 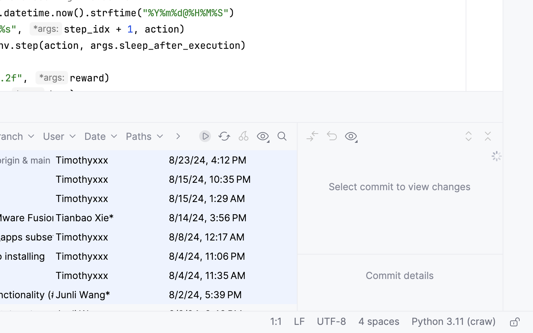 What do you see at coordinates (514, 322) in the screenshot?
I see `'Make file read-only'` at bounding box center [514, 322].